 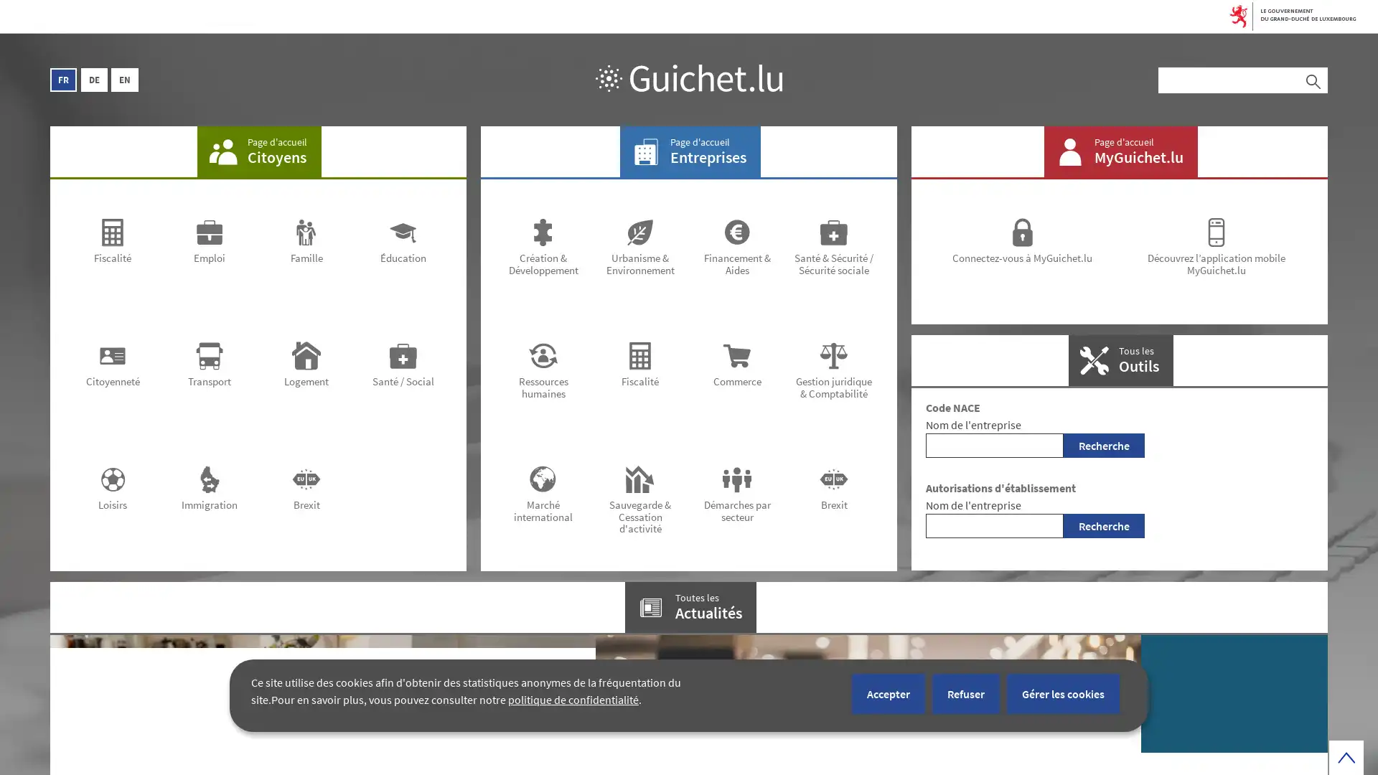 I want to click on Recherche, so click(x=1102, y=525).